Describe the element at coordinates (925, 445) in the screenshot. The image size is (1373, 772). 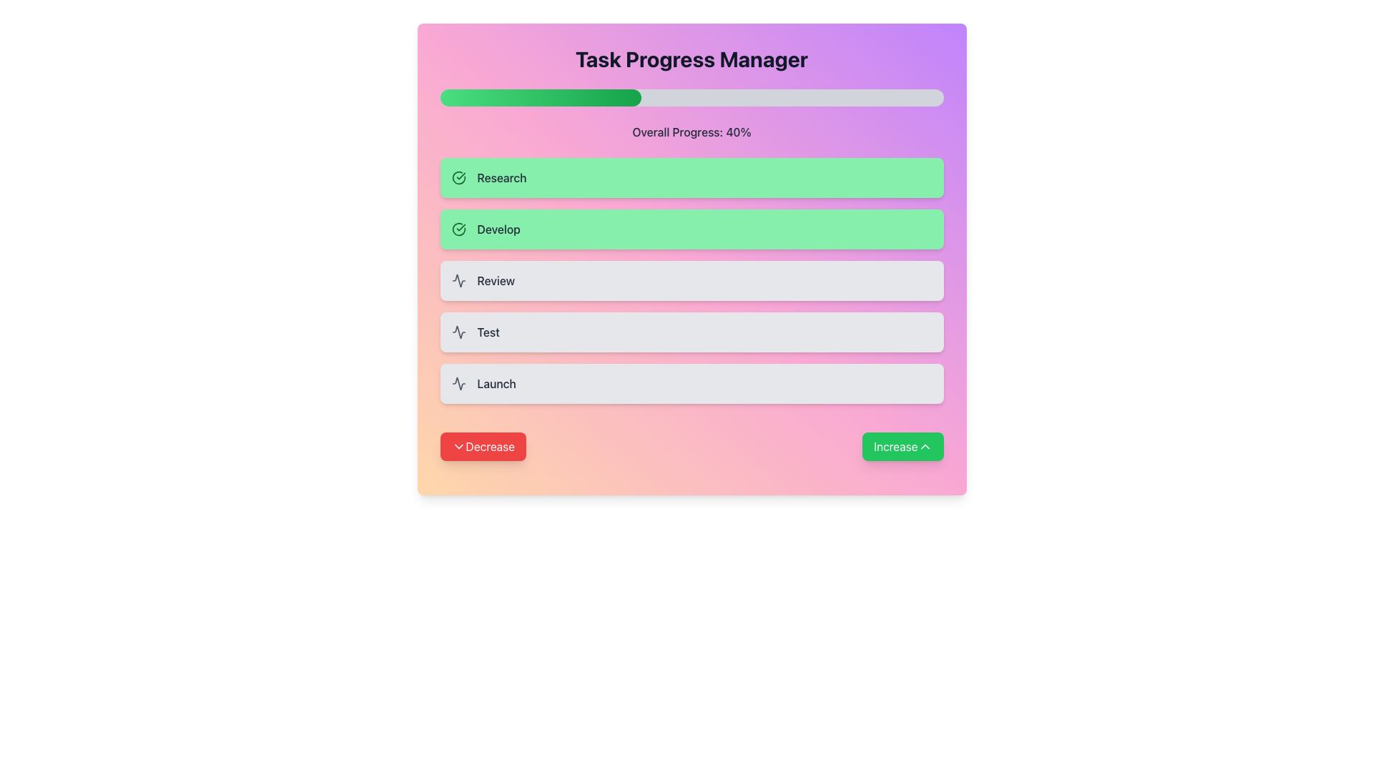
I see `the upward-pointing chevron icon located inside the green 'Increase' button at the bottom-right of the interface` at that location.